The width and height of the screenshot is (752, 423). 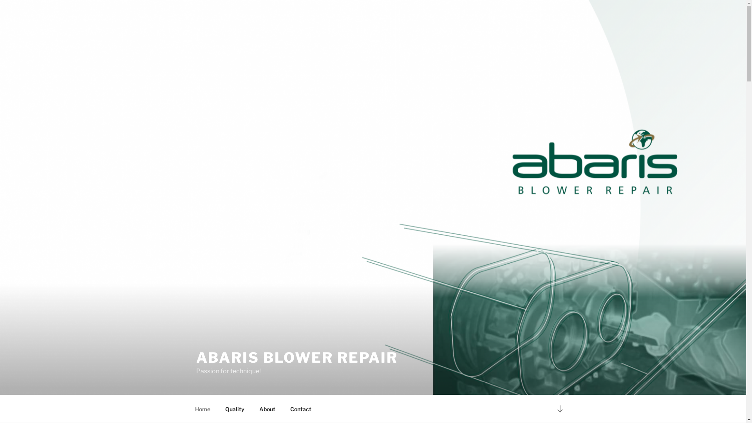 What do you see at coordinates (188, 409) in the screenshot?
I see `'Home'` at bounding box center [188, 409].